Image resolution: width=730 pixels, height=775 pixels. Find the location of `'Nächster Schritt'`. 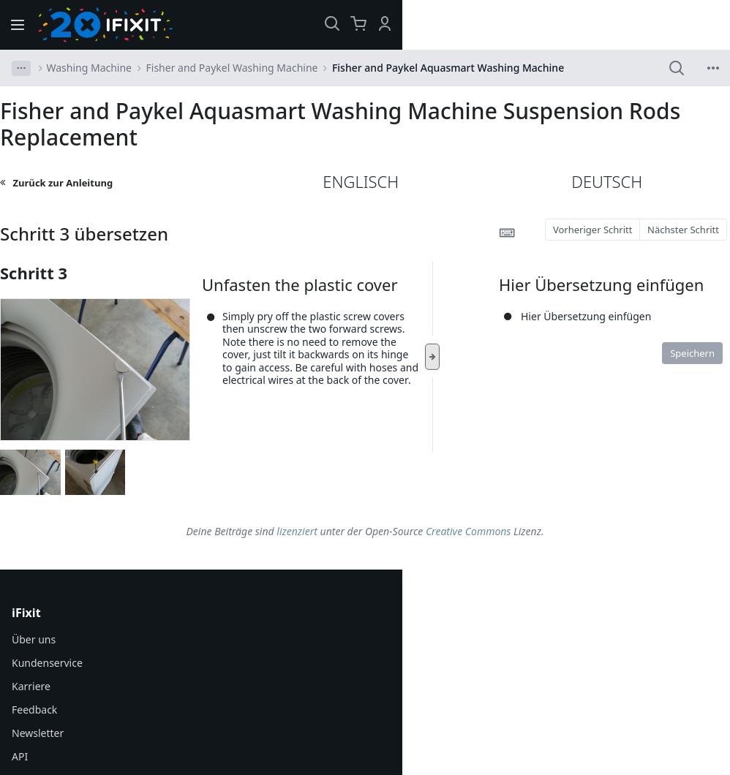

'Nächster Schritt' is located at coordinates (683, 229).